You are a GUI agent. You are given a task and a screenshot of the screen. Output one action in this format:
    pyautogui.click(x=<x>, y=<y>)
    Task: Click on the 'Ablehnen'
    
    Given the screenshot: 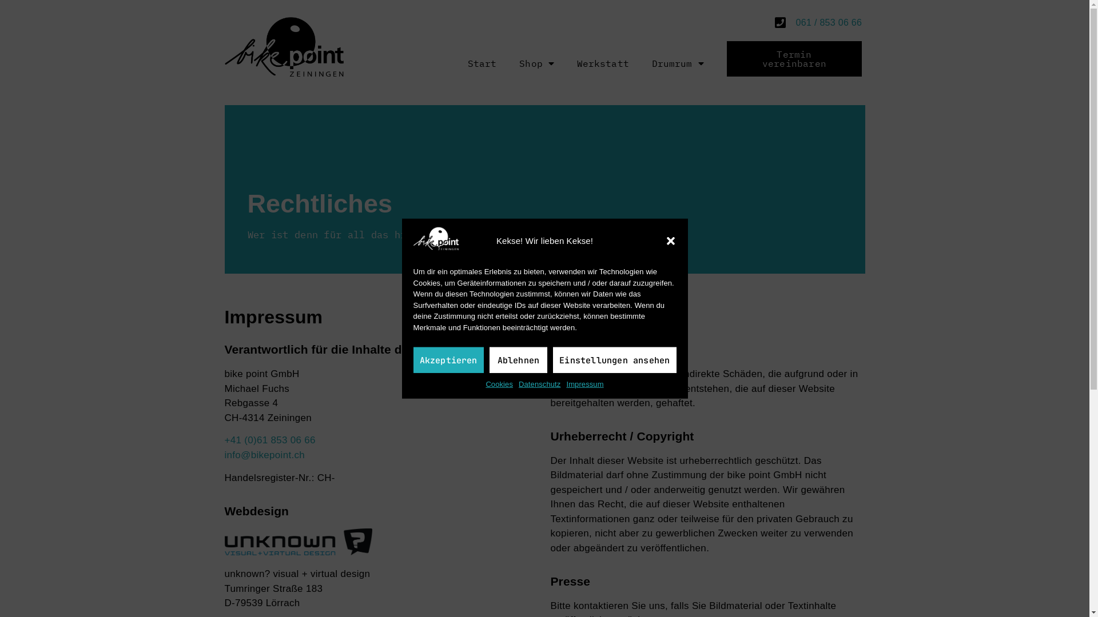 What is the action you would take?
    pyautogui.click(x=518, y=360)
    